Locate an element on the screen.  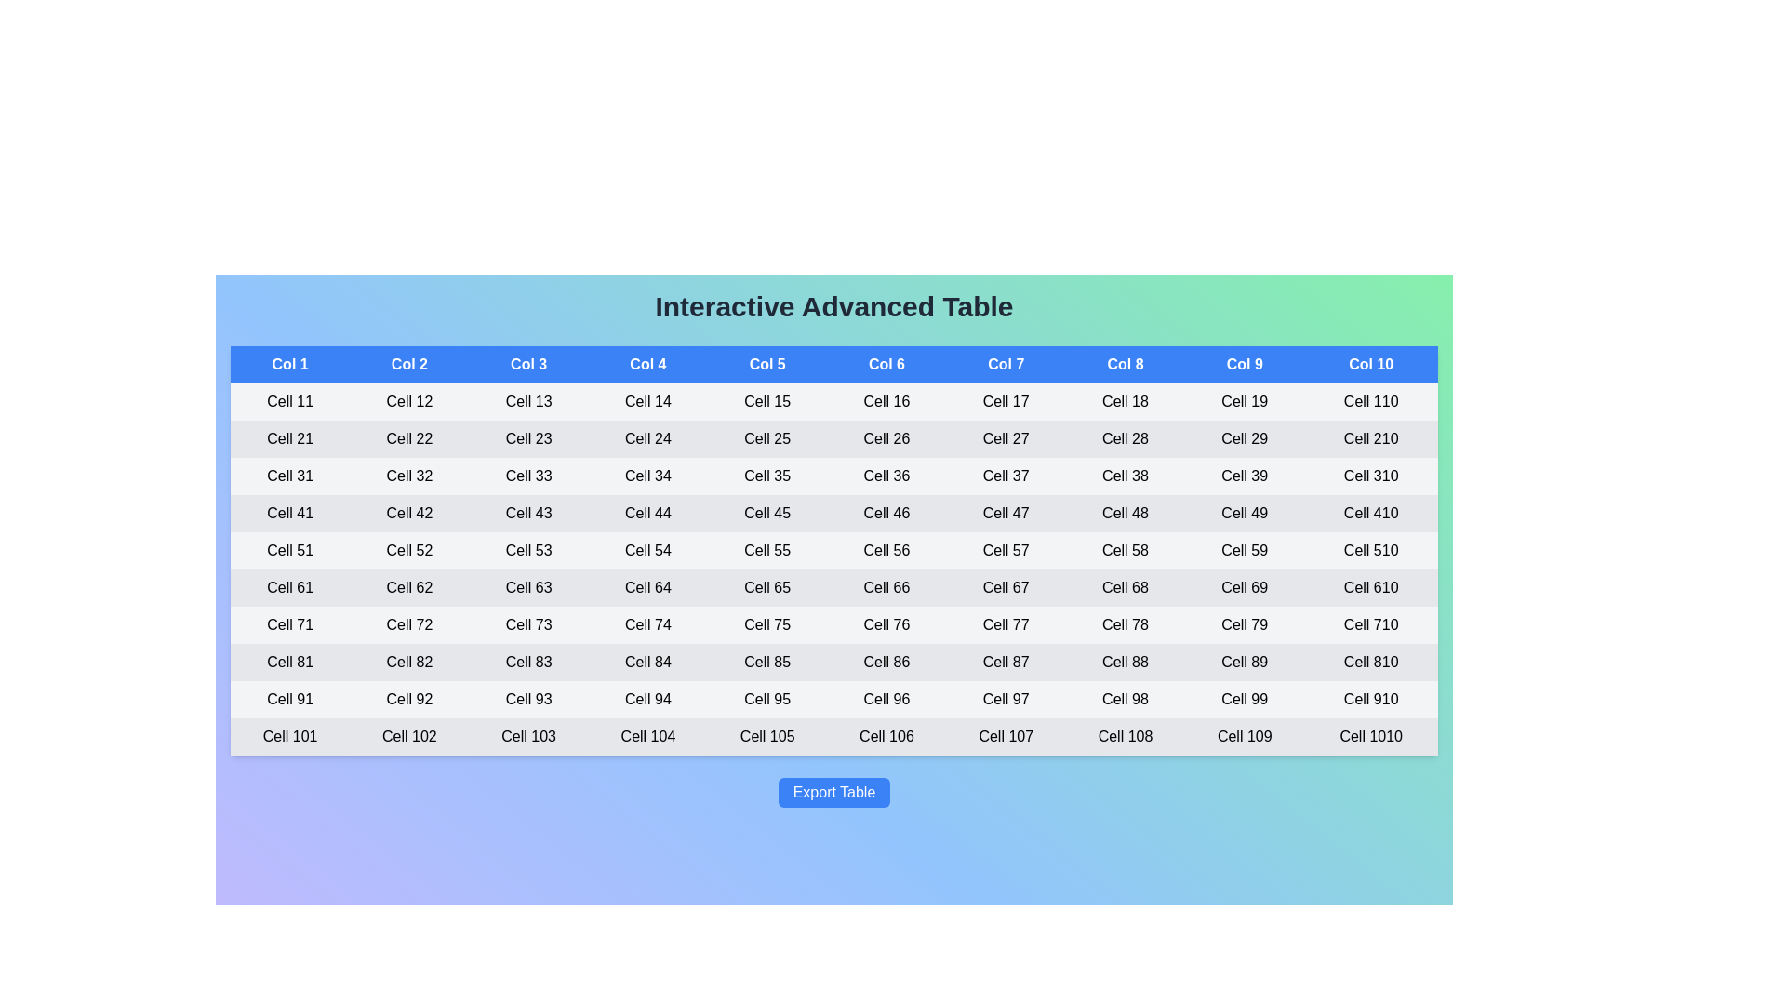
the 'Export Table' button to observe its hover effect is located at coordinates (833, 793).